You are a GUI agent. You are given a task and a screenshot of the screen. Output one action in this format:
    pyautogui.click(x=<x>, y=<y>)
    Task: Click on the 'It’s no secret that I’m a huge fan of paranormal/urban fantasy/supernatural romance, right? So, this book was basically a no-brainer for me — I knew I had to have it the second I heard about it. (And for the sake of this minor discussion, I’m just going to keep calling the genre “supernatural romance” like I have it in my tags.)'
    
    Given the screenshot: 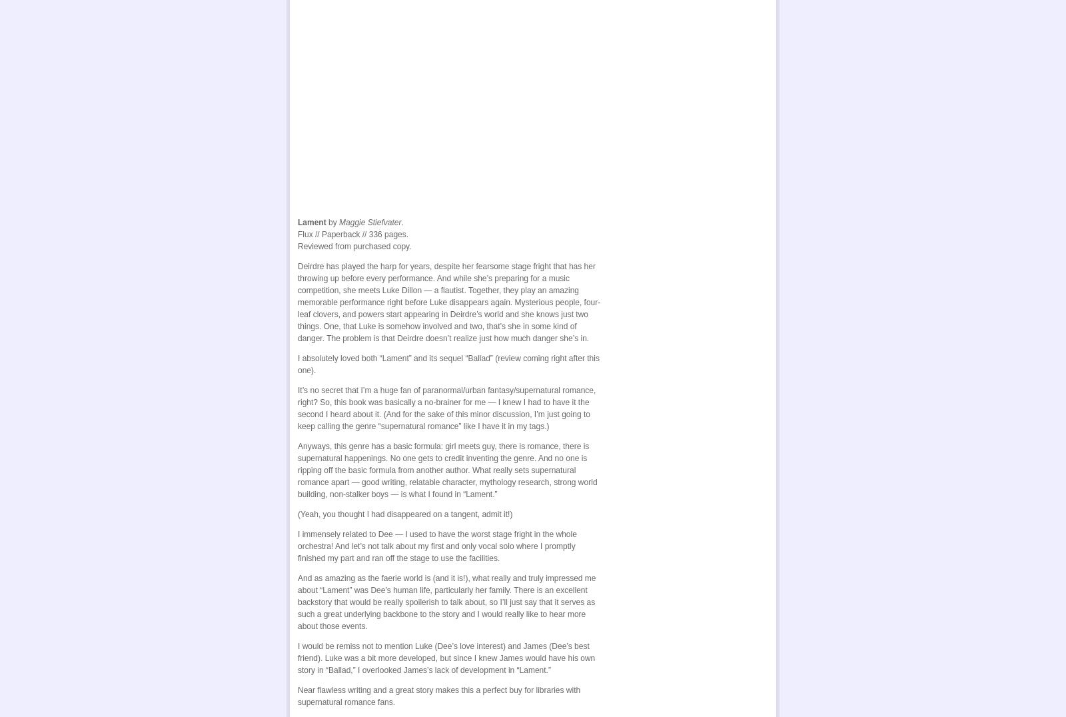 What is the action you would take?
    pyautogui.click(x=446, y=406)
    